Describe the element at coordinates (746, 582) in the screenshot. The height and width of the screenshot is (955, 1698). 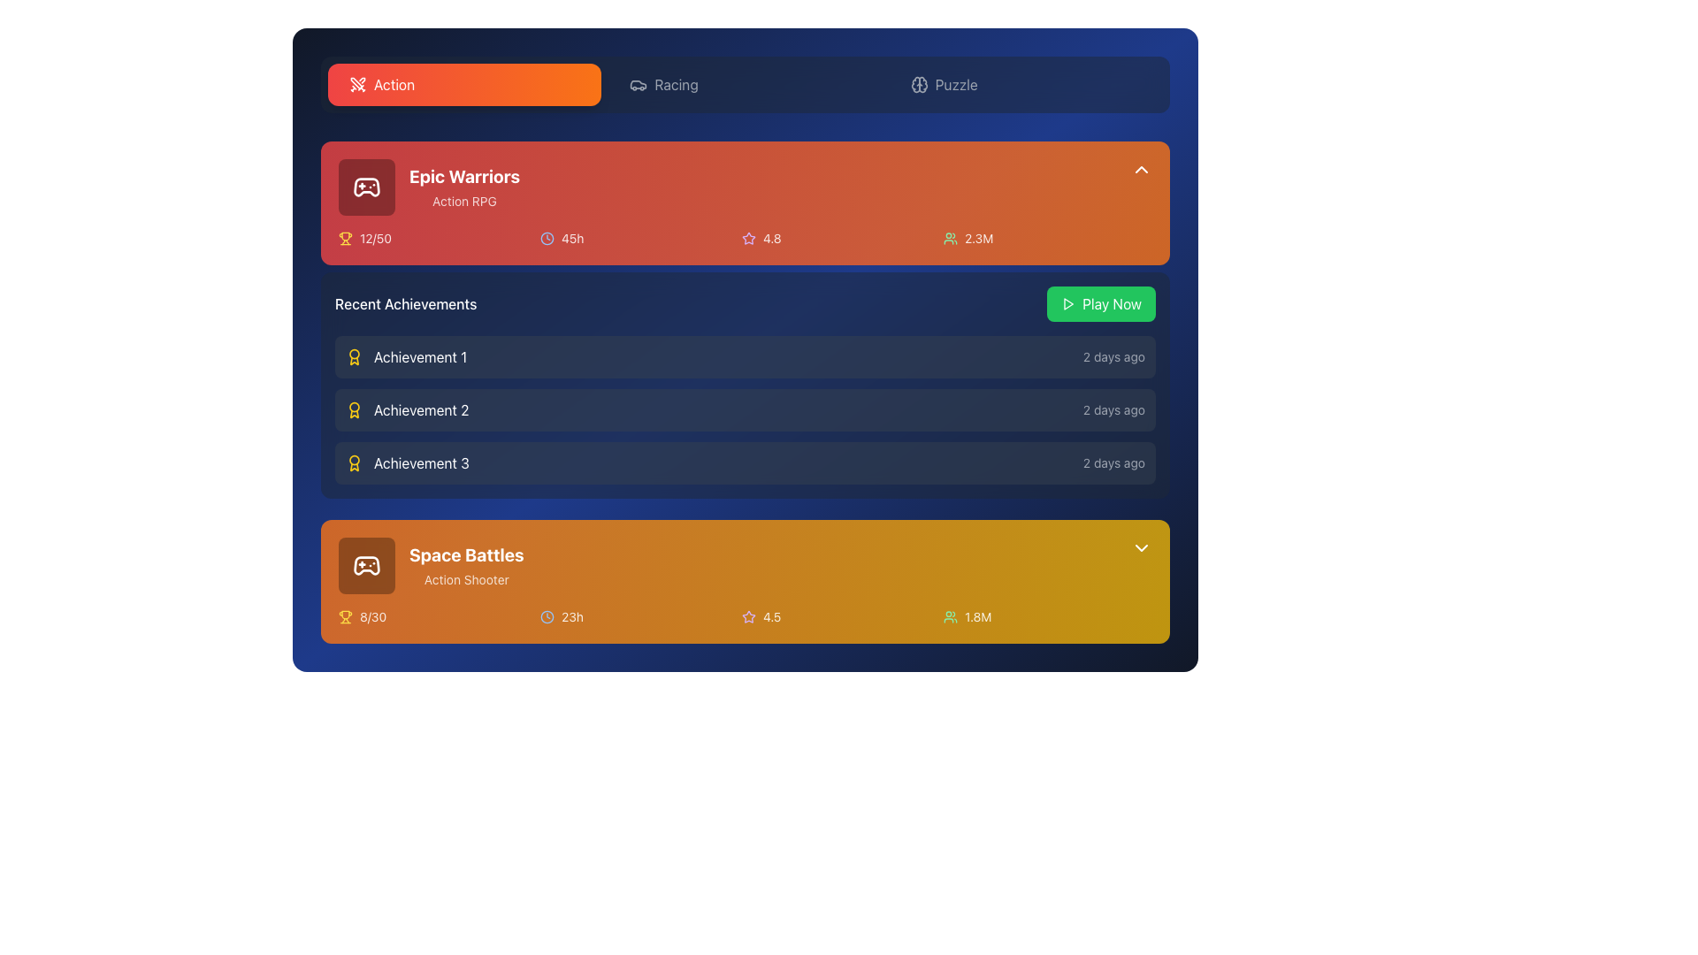
I see `the Information box displaying 'Space Battles', which includes details like 'Action Shooter', '8/30', '23h', '4.5', and '1.8M', located beneath 'Recent Achievements'` at that location.